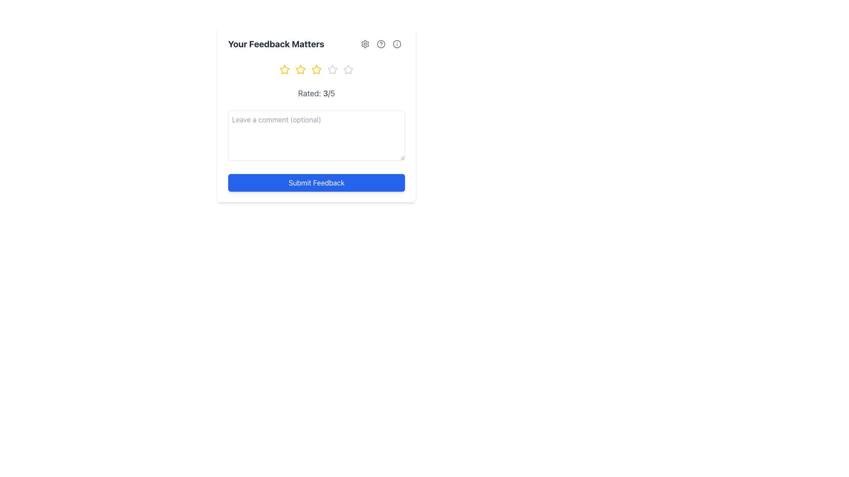  I want to click on the second star-shaped icon with a yellow border in the rating row, so click(284, 69).